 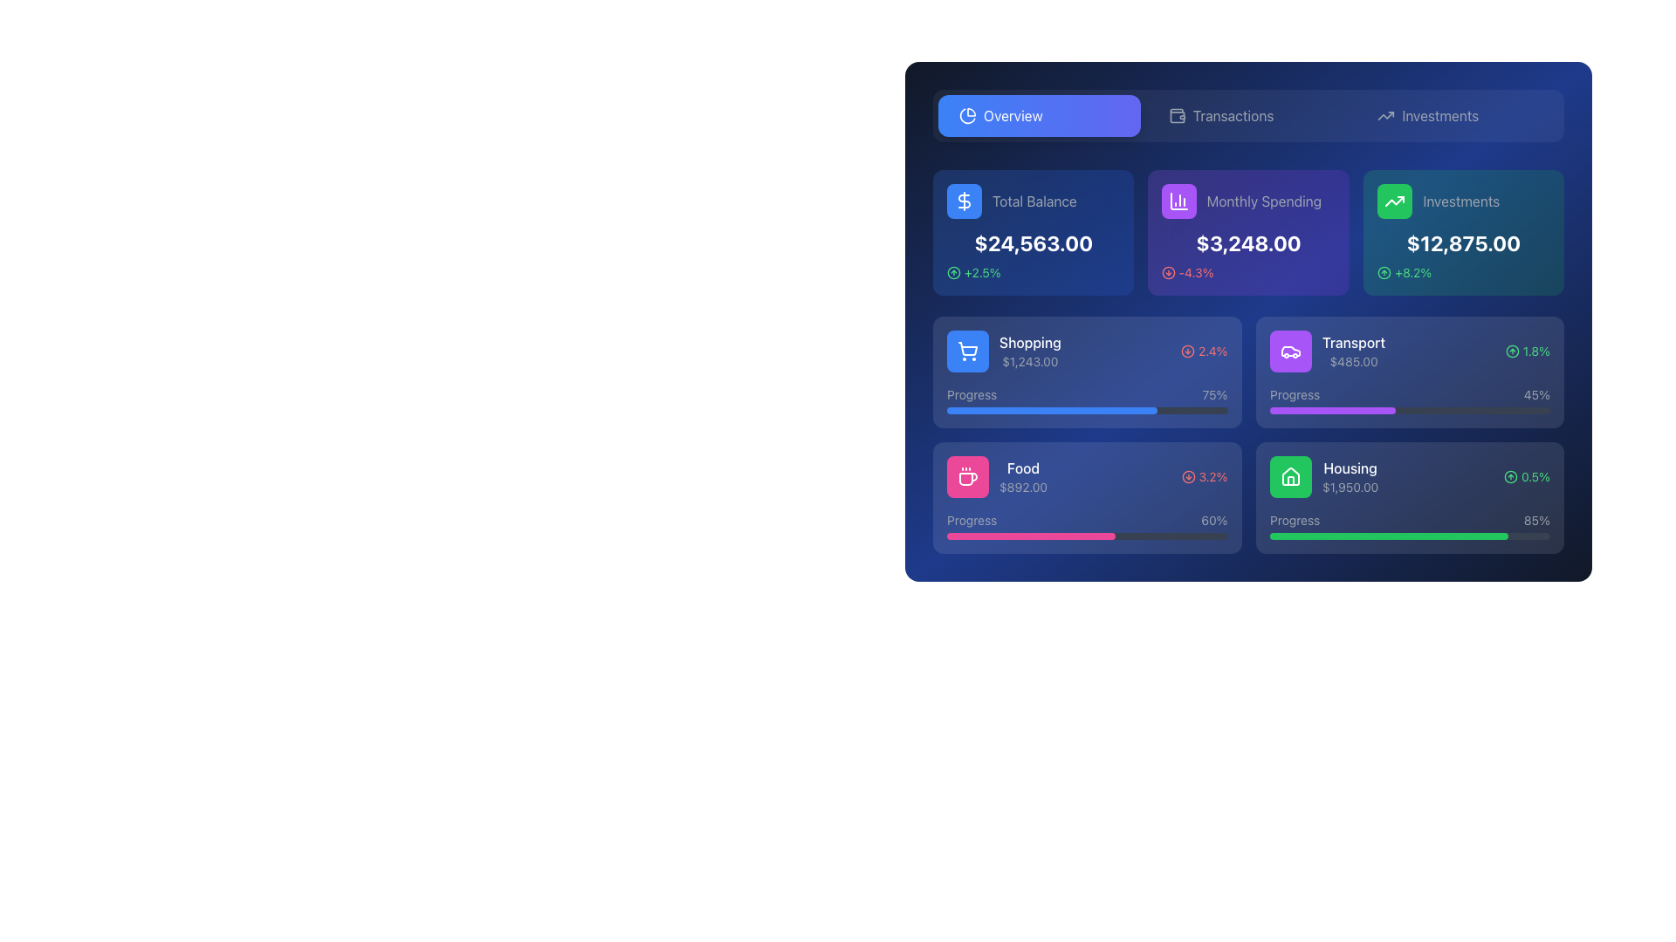 I want to click on the progress bar located within the 'Shopping' card, directly below the title 'Progress' and to the left of the 75% value, so click(x=1086, y=410).